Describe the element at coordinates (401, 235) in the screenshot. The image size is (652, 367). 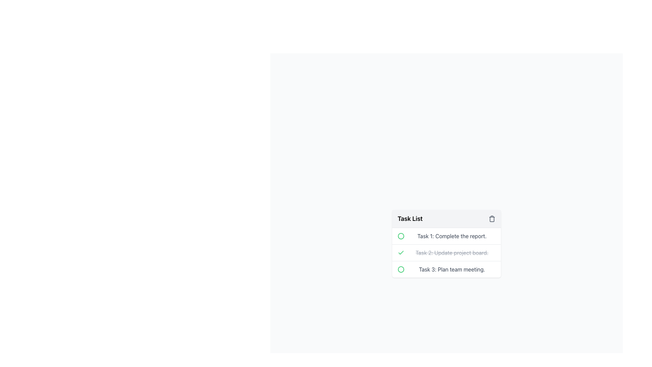
I see `the central circle inside the SVG graphic located near the top-left part of the 'Task 1: Complete the report.' row within the 'Task List' block in the bottom right part of the interface` at that location.